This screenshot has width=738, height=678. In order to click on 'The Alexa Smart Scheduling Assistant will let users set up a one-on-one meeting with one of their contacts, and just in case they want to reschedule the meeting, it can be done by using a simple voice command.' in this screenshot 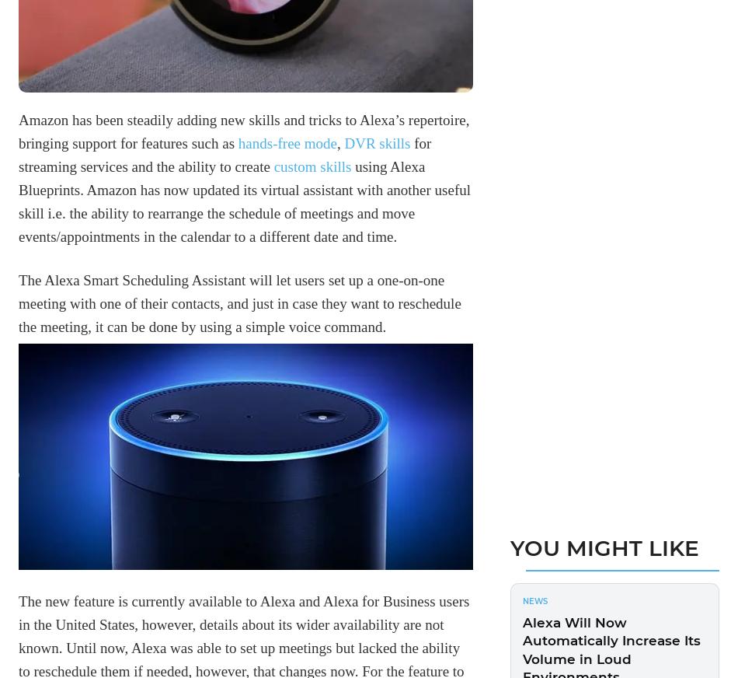, I will do `click(238, 302)`.